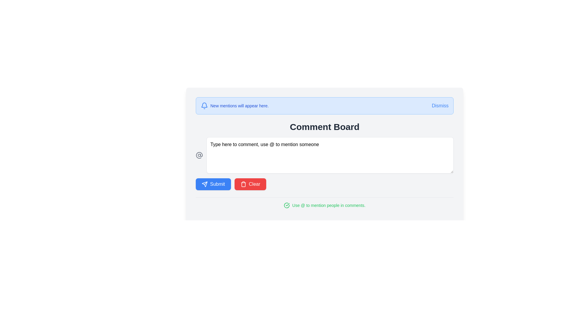 This screenshot has width=573, height=322. What do you see at coordinates (287, 205) in the screenshot?
I see `the green circular checkmark icon with a tick inside, which is located at the bottom left of the interface preceding the text 'Use @ to mention people in comments.'` at bounding box center [287, 205].